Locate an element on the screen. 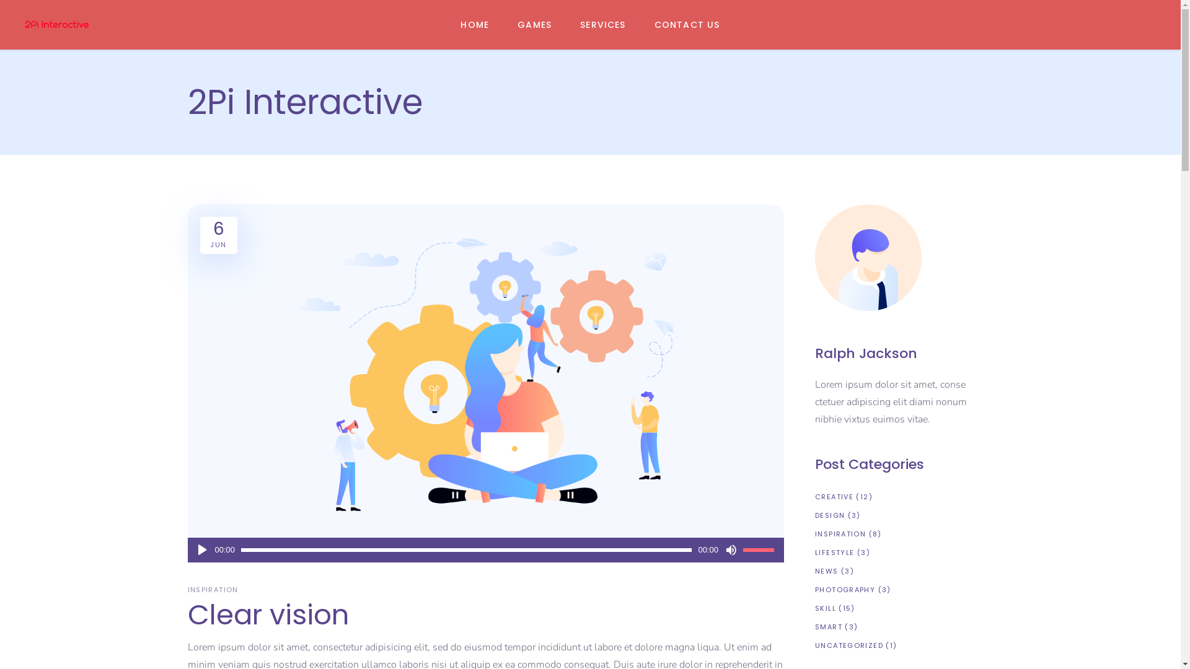  'CREATIVE' is located at coordinates (815, 496).